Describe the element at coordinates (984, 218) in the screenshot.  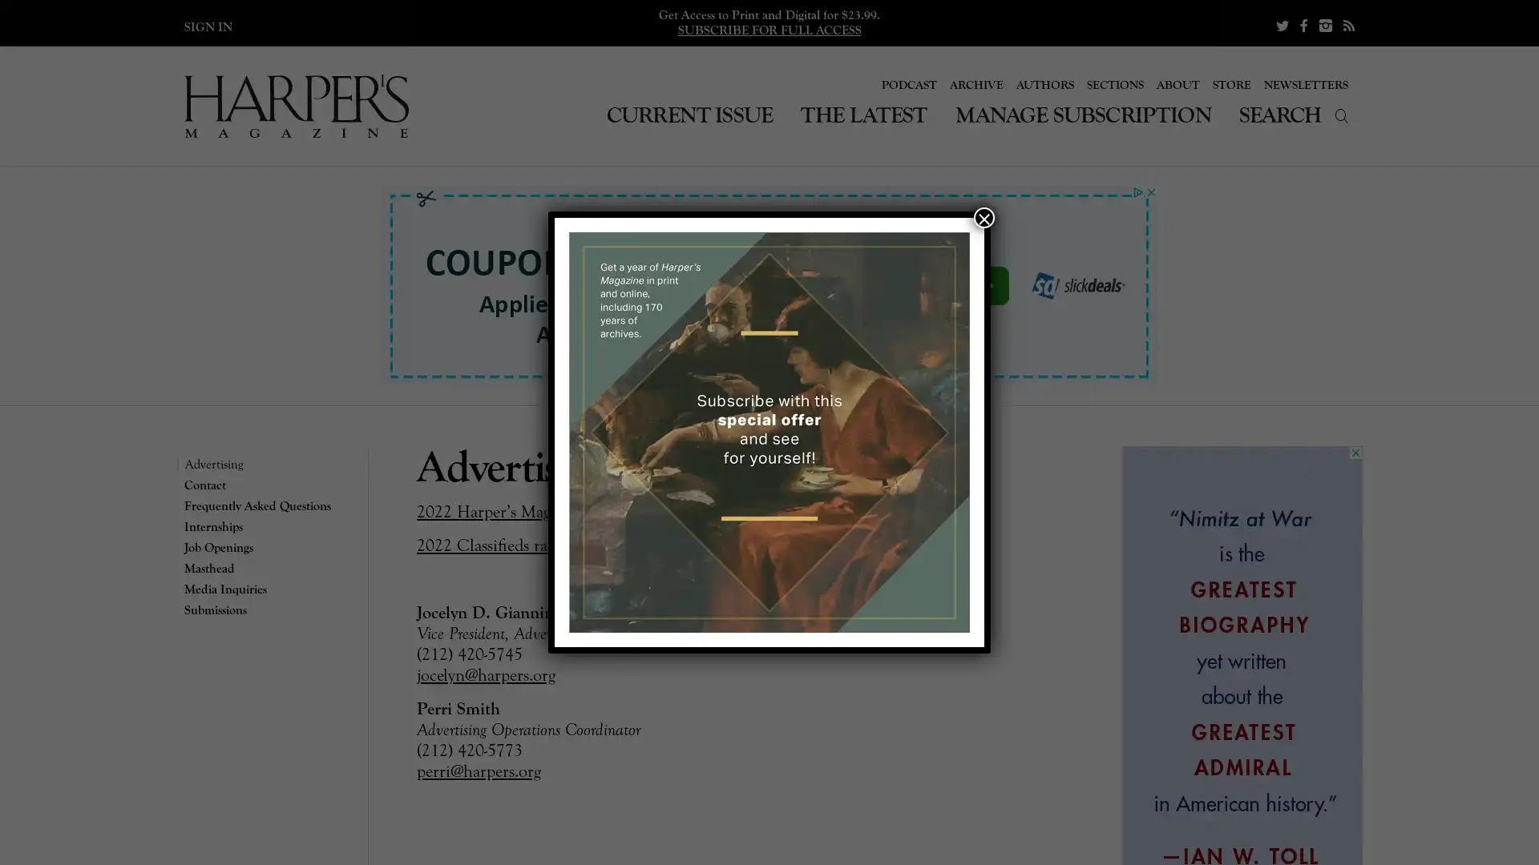
I see `Close` at that location.